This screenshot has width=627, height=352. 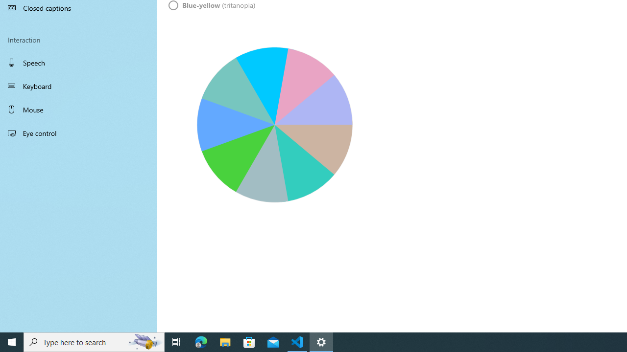 I want to click on 'Task View', so click(x=176, y=341).